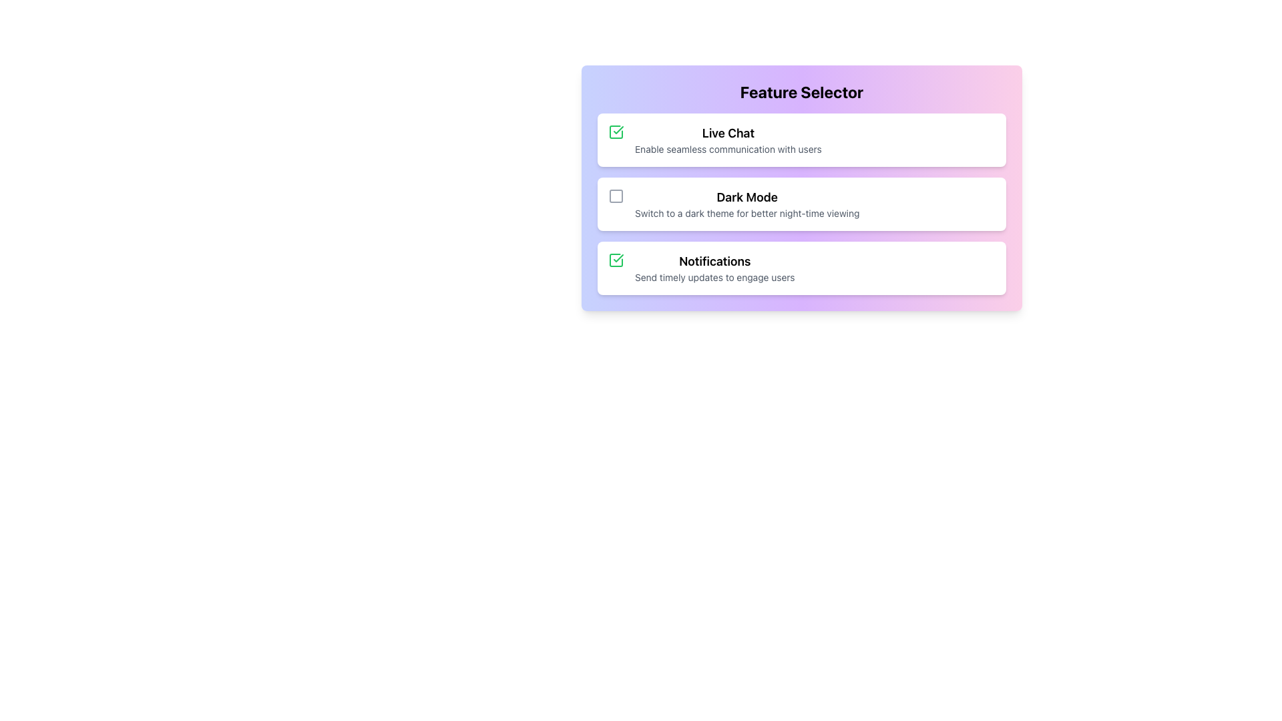  I want to click on the 'Live Chat' feature card, so click(801, 140).